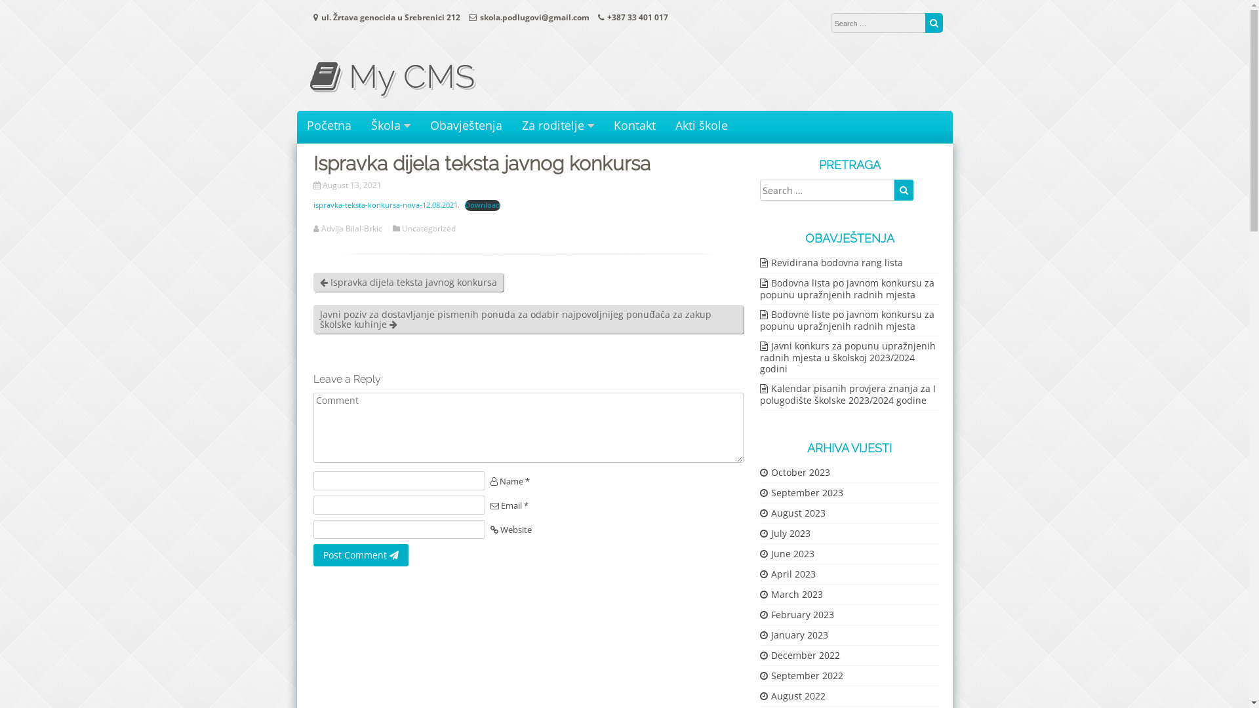 The image size is (1259, 708). What do you see at coordinates (799, 655) in the screenshot?
I see `'December 2022'` at bounding box center [799, 655].